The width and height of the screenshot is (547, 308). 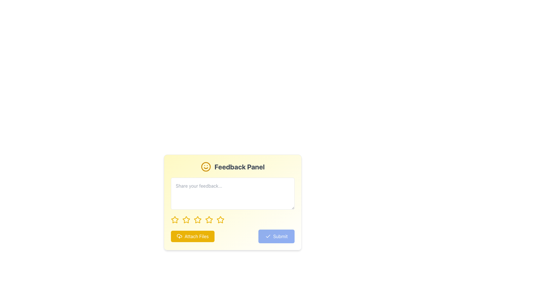 What do you see at coordinates (220, 219) in the screenshot?
I see `the fifth rating star icon, which is a golden yellow outlined star located in the feedback rating row of the feedback panel` at bounding box center [220, 219].